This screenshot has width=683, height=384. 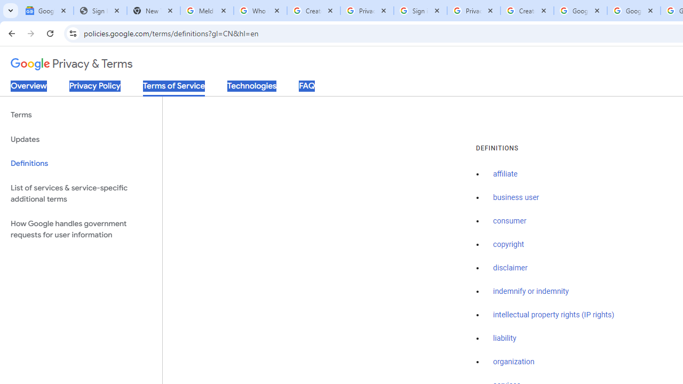 I want to click on 'consumer', so click(x=509, y=221).